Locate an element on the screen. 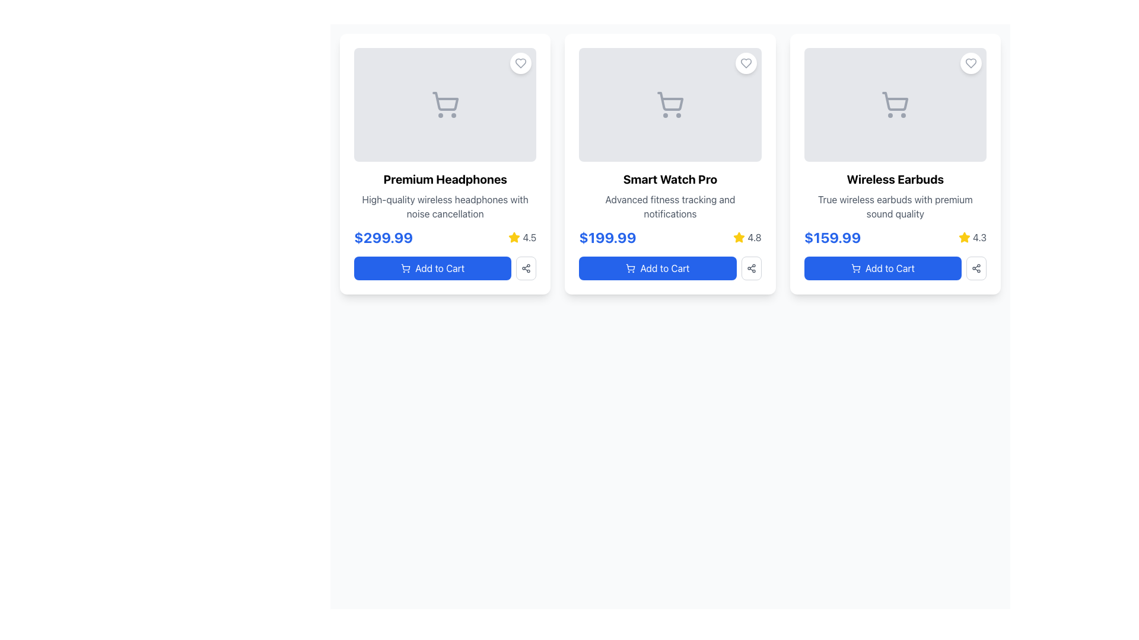 This screenshot has height=640, width=1139. the visual depiction of the shopping cart icon representing shopping-related actions within the product card for 'Premium Headphones' is located at coordinates (406, 267).